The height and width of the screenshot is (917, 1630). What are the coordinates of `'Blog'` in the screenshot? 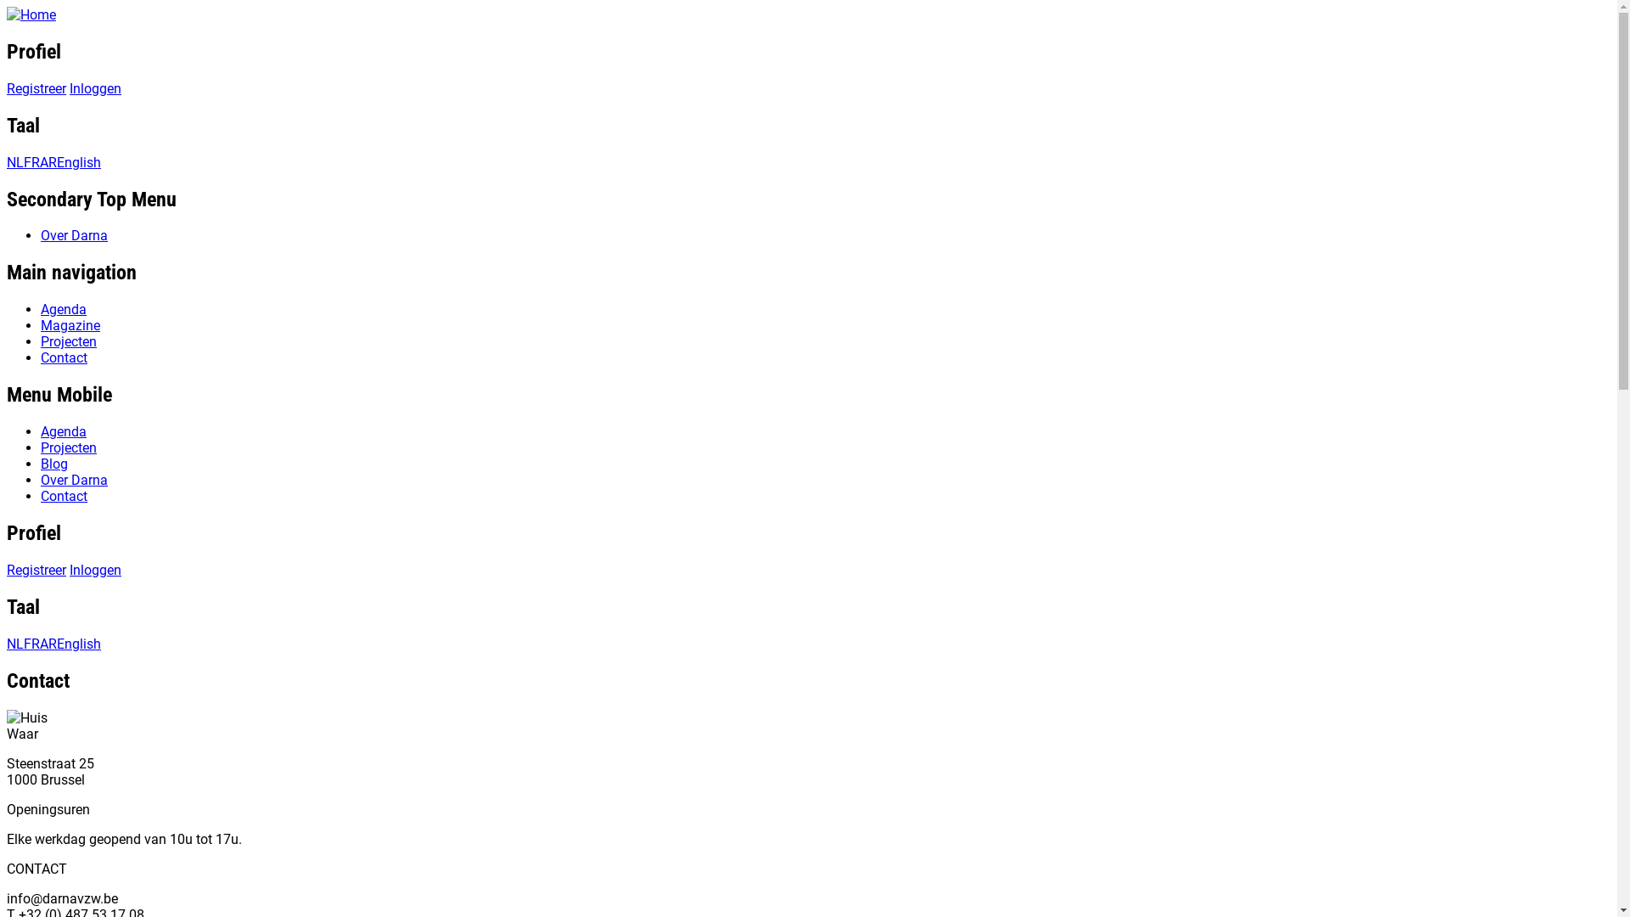 It's located at (53, 464).